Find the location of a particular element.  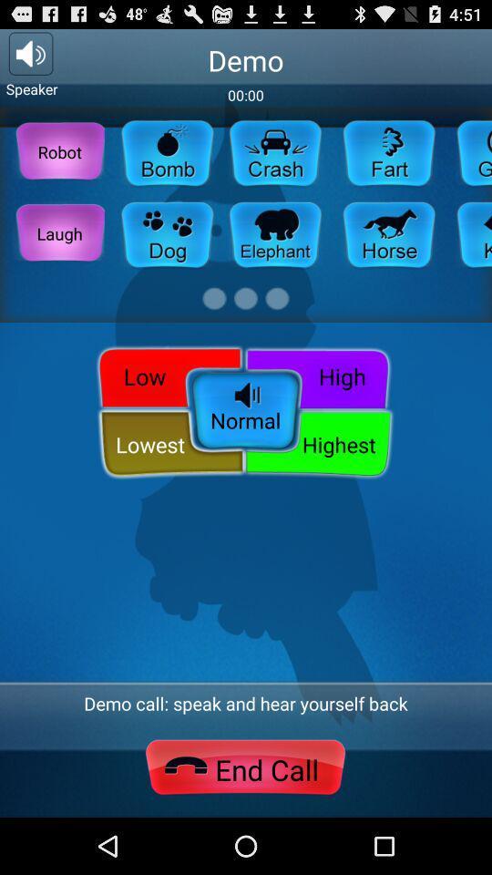

lowest button is located at coordinates (171, 443).